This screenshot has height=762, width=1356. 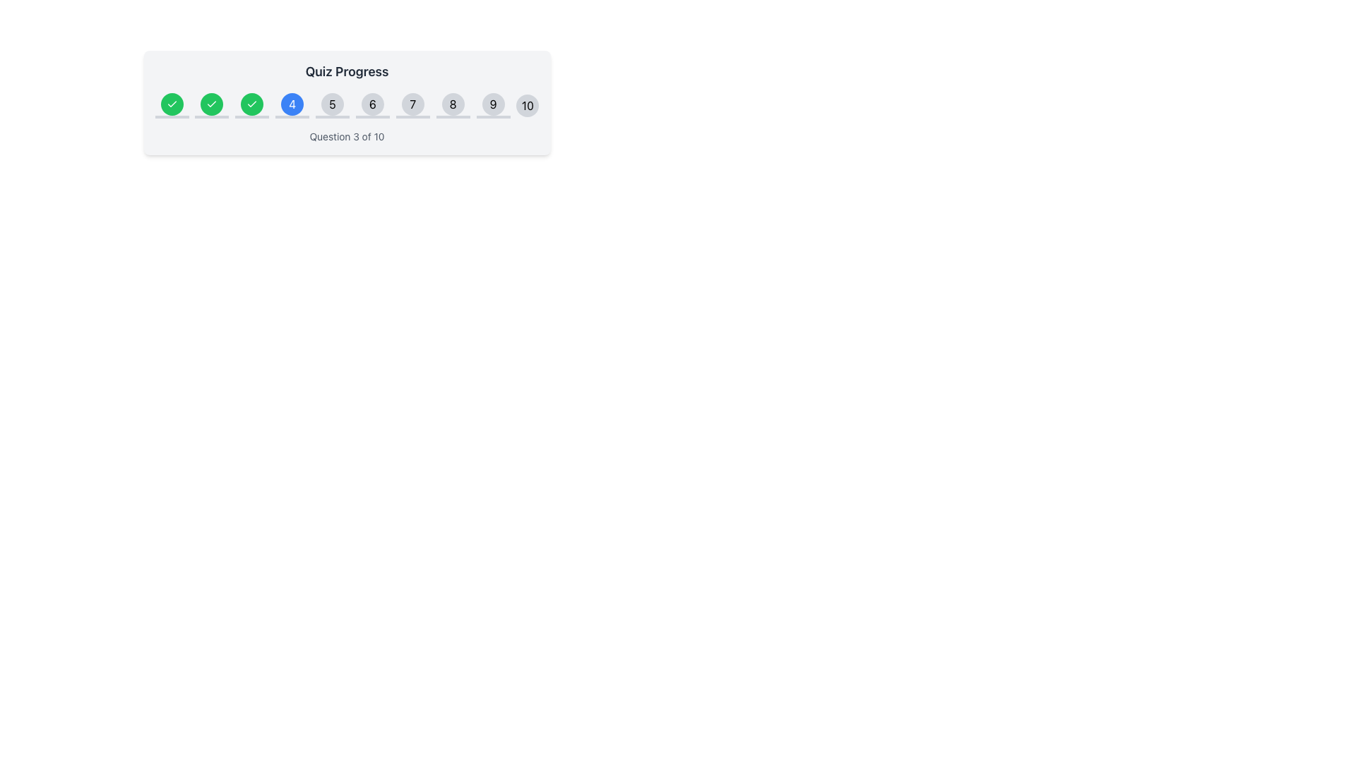 What do you see at coordinates (453, 116) in the screenshot?
I see `the progress indicator bar located beneath the circular button labeled '8' in the quiz progress bar` at bounding box center [453, 116].